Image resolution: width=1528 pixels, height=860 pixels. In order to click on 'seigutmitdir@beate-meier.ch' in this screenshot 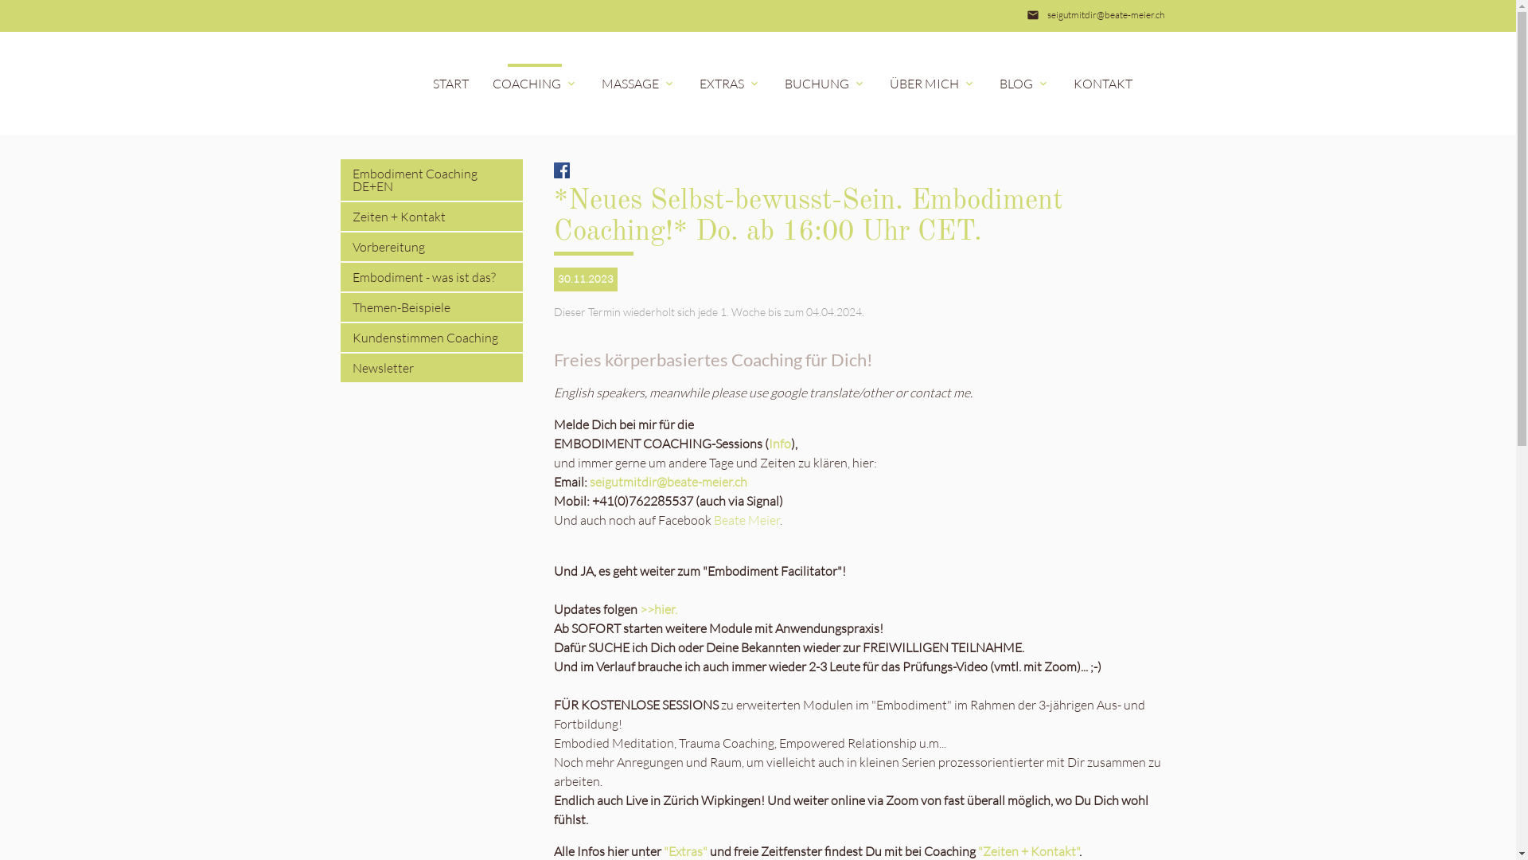, I will do `click(1105, 15)`.